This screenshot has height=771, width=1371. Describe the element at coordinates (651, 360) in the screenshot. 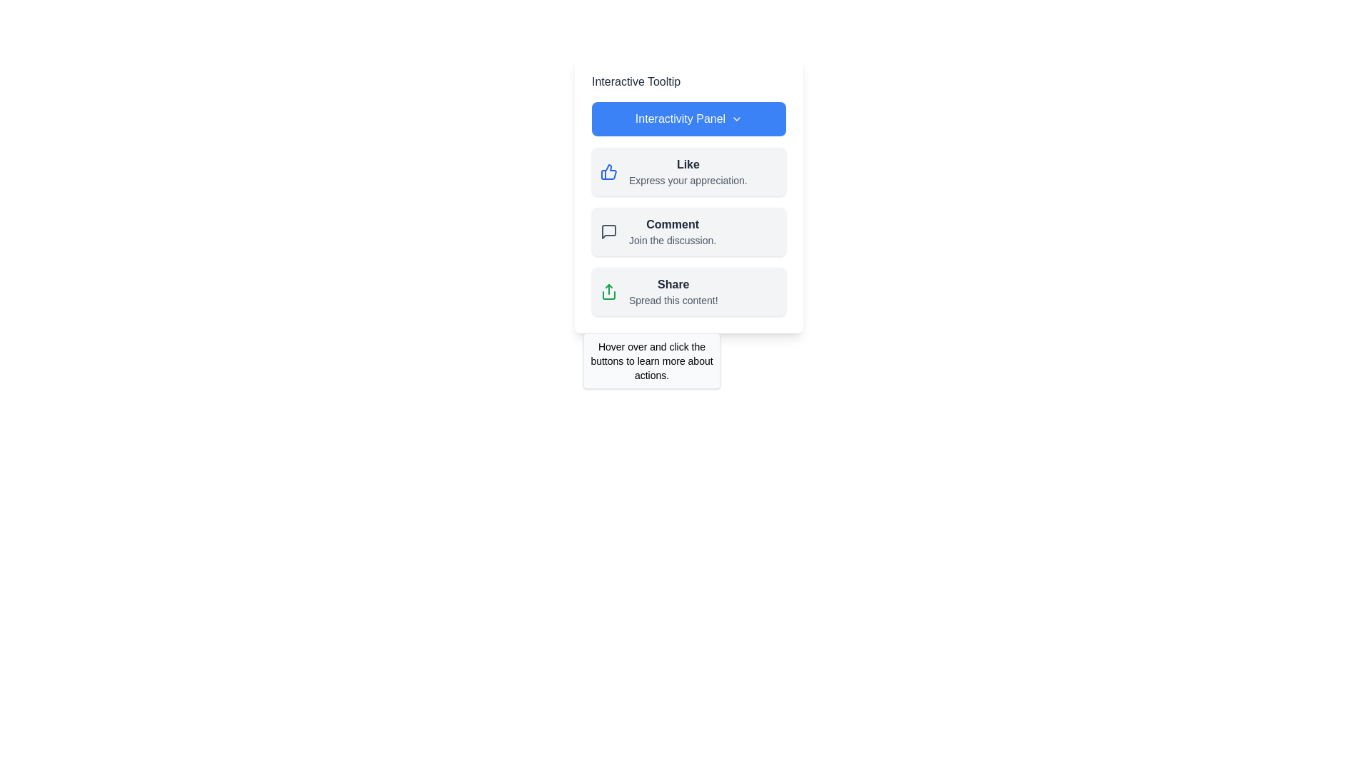

I see `information displayed in the informational tooltip located centrally below the 'Interactive Tooltip' panel` at that location.